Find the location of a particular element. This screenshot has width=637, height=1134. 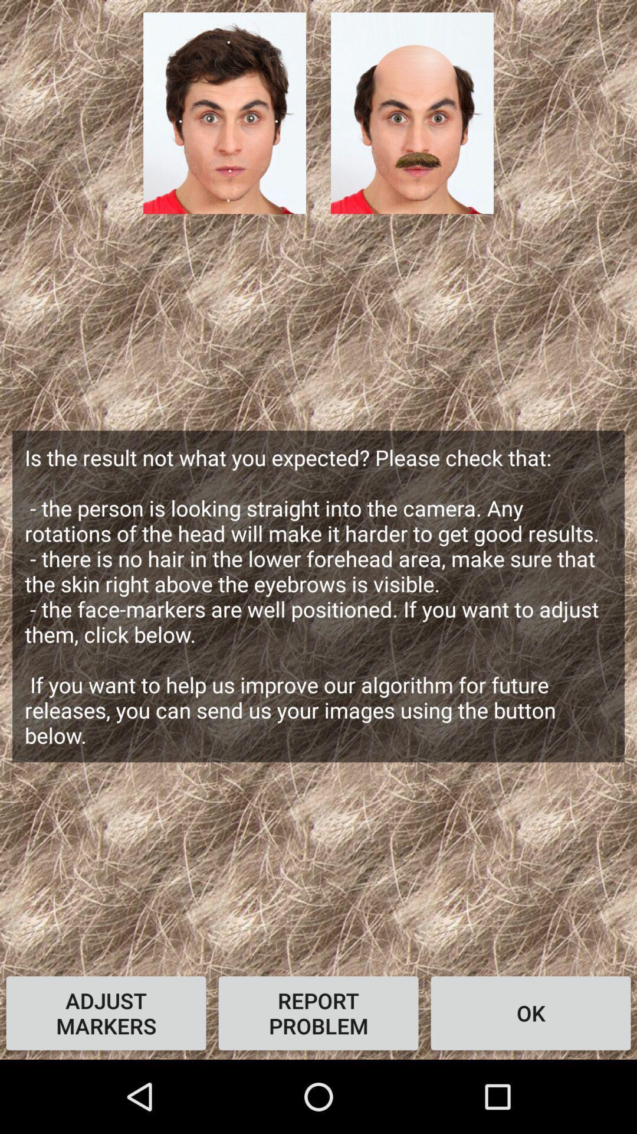

button to the left of report problem icon is located at coordinates (106, 1012).